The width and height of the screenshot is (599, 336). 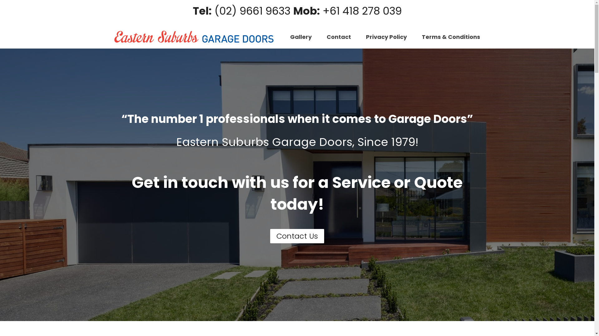 What do you see at coordinates (297, 236) in the screenshot?
I see `'Contact Us'` at bounding box center [297, 236].